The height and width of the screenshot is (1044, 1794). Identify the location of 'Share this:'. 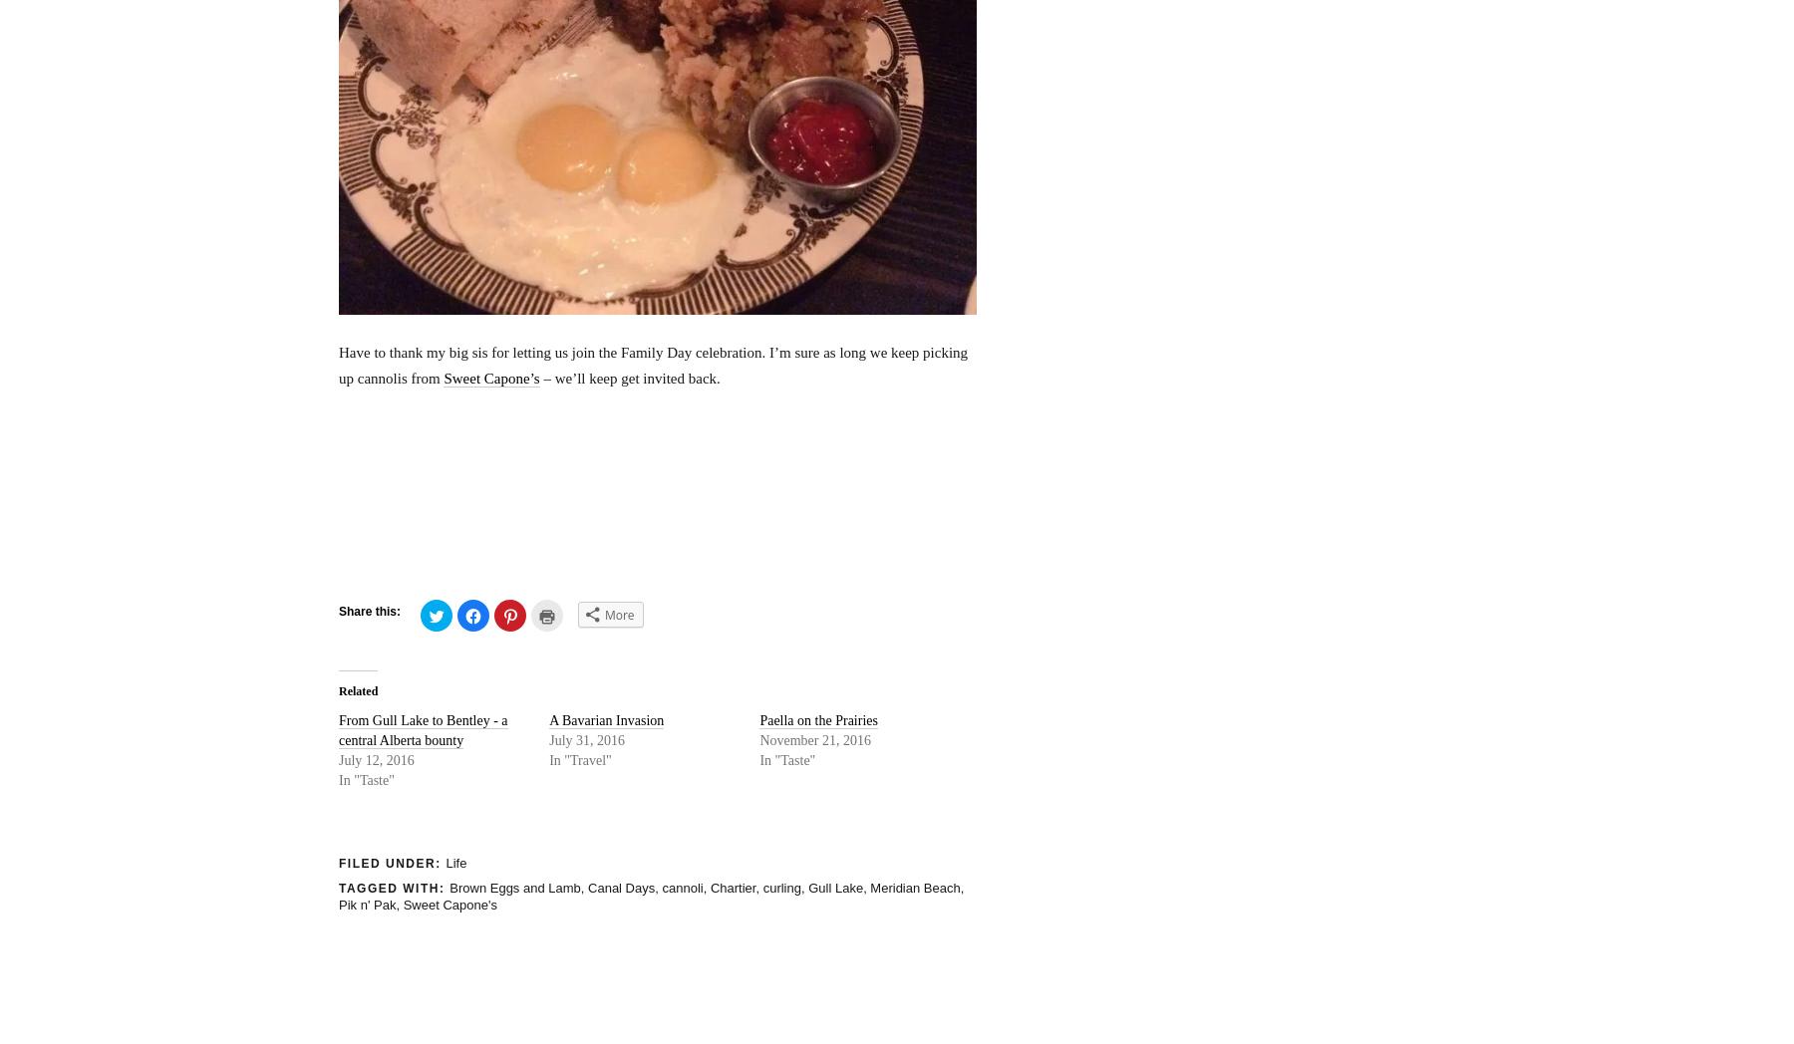
(369, 609).